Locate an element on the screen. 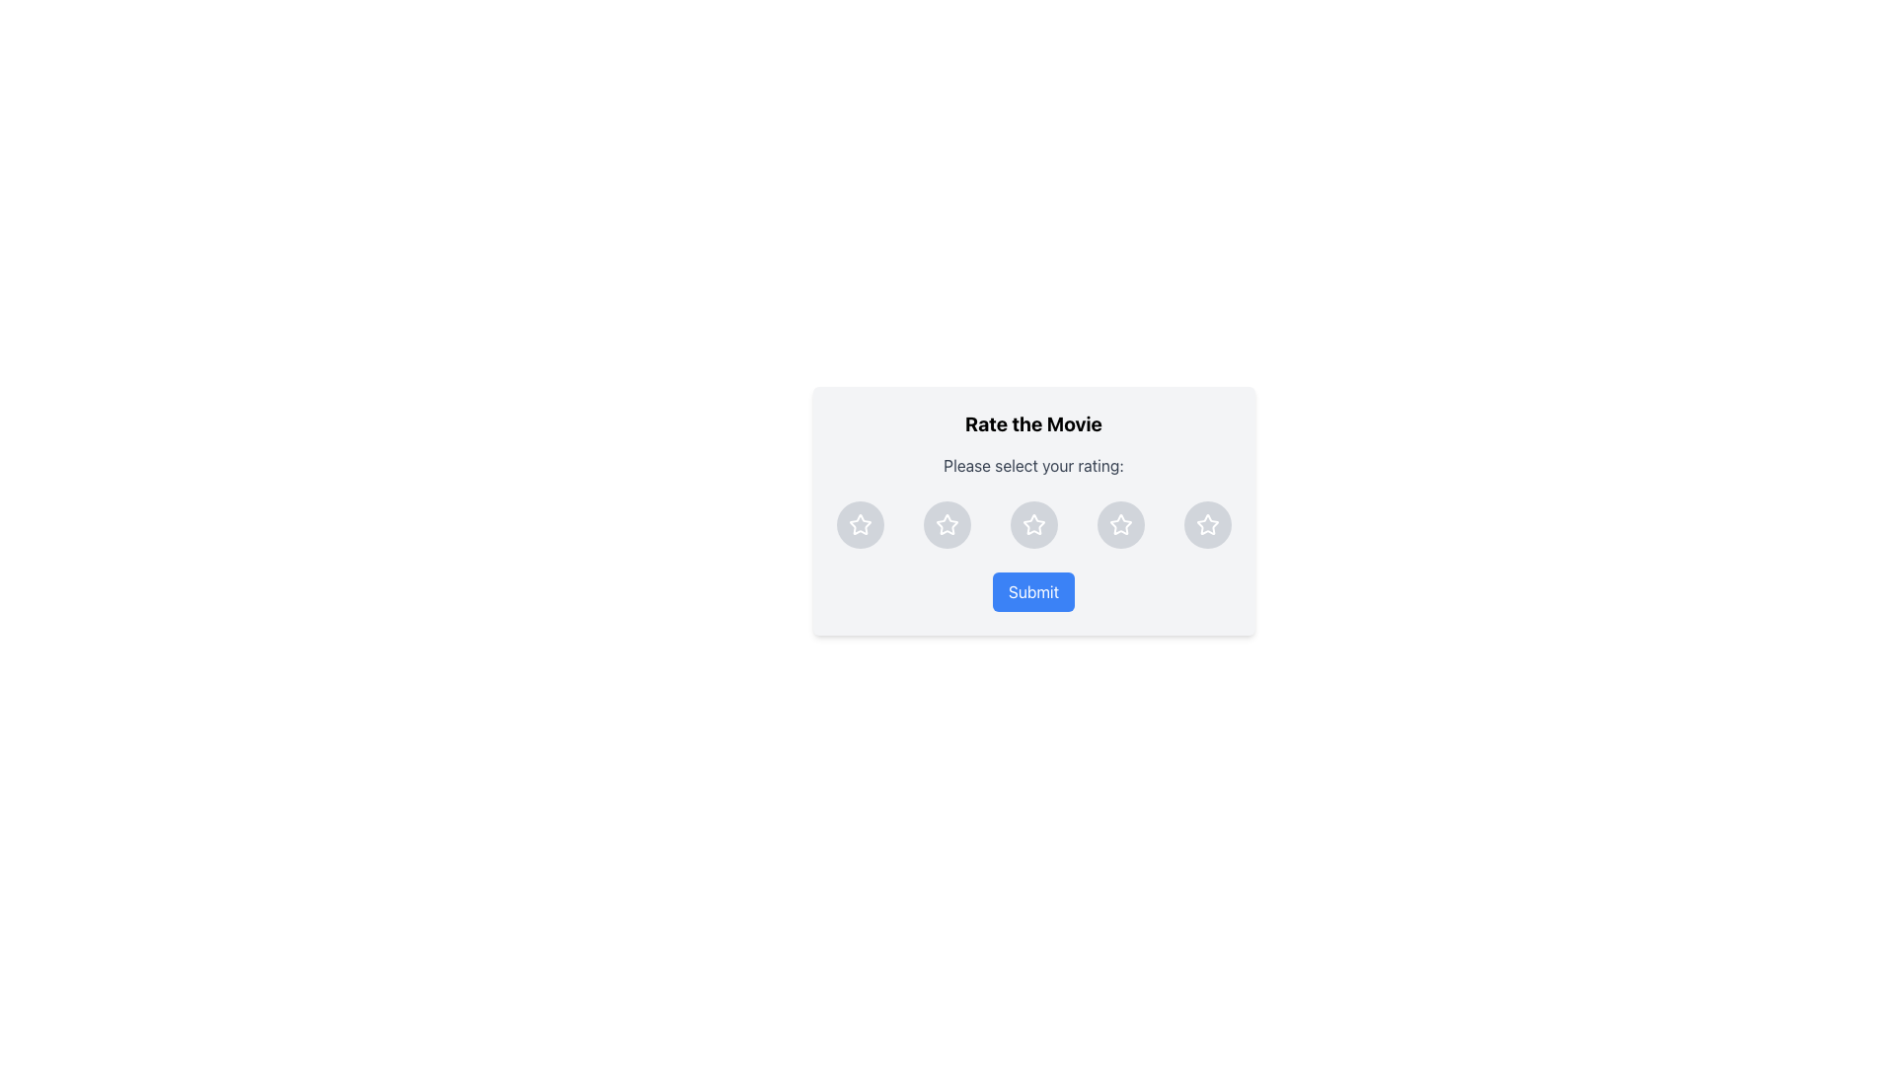  the star rating icons within the rectangular panel with a light gray background to confirm the selection is located at coordinates (1032, 509).